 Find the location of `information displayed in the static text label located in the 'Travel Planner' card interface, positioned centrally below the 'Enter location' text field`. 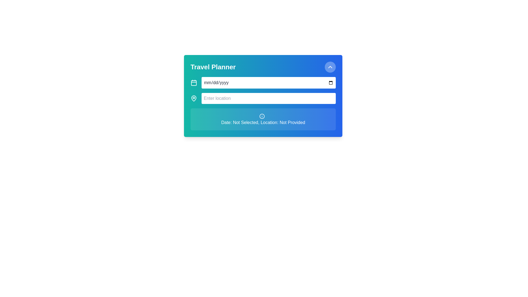

information displayed in the static text label located in the 'Travel Planner' card interface, positioned centrally below the 'Enter location' text field is located at coordinates (263, 122).